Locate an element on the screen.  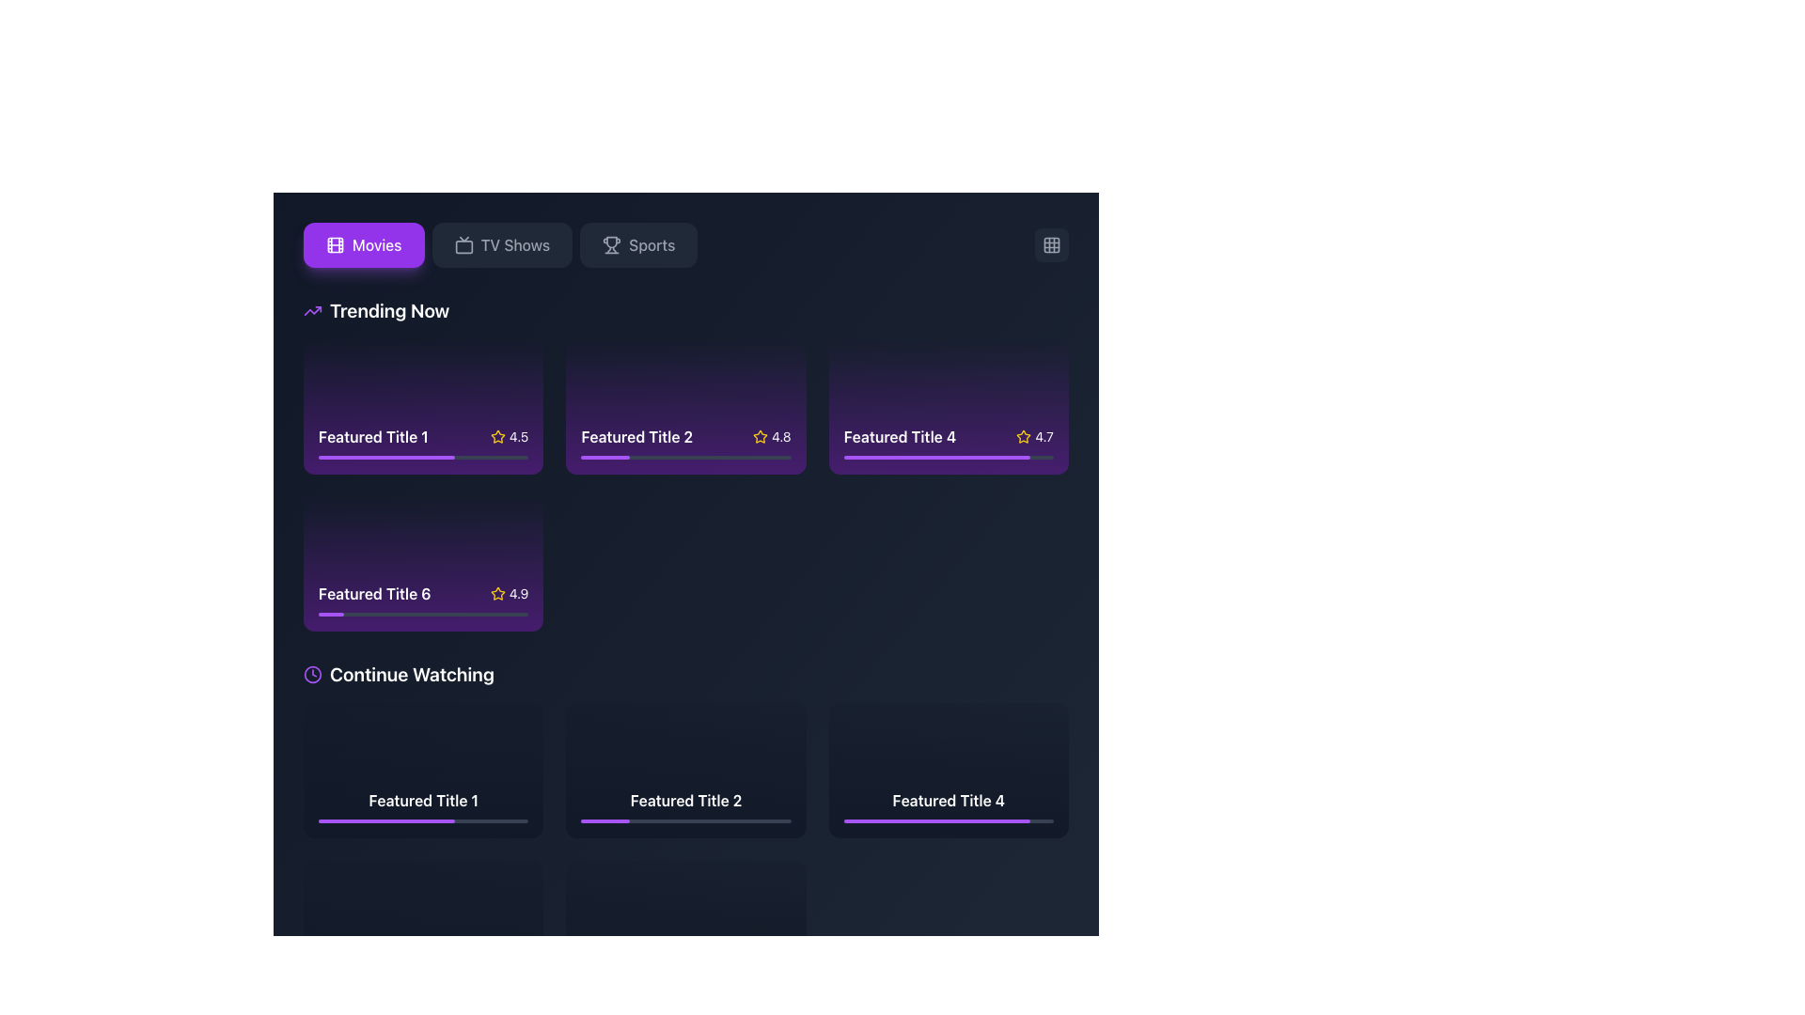
the rating value displayed with a yellow star icon and the text '4.9' in the 'Trending Now' section under the 'Movies' tab, located at the bottom left corner of the 'Featured Title 6' card is located at coordinates (510, 594).